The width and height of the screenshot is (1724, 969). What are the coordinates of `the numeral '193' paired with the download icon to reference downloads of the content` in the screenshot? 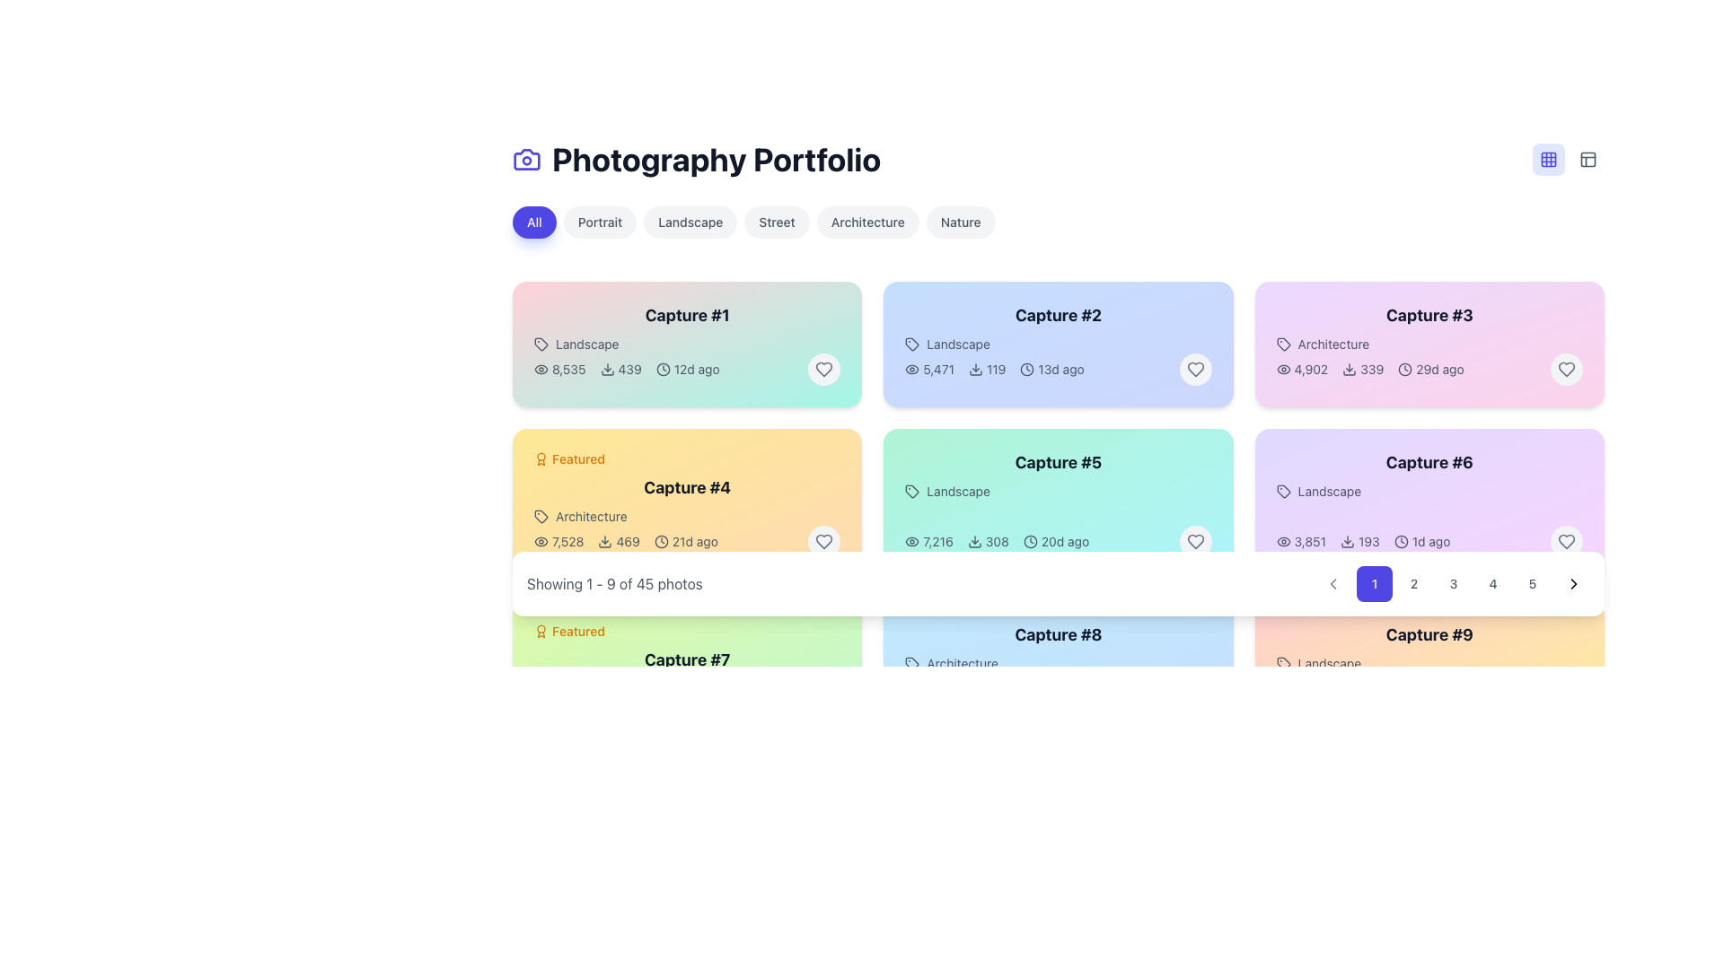 It's located at (1359, 541).